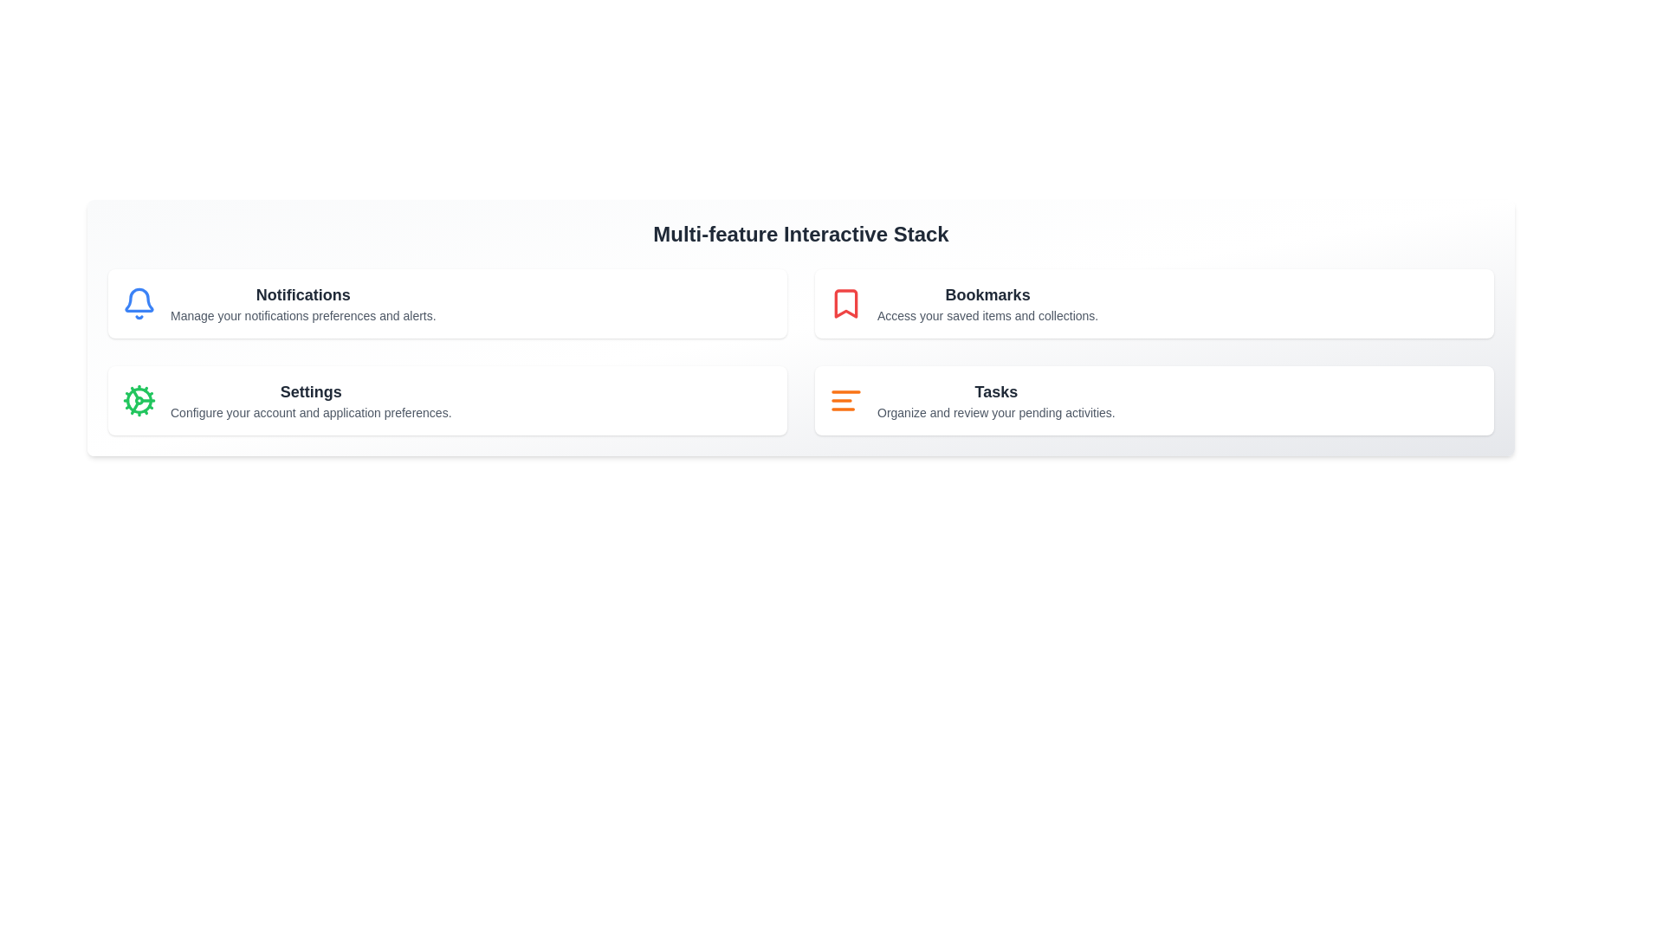  What do you see at coordinates (987, 293) in the screenshot?
I see `the 'Bookmarks' section title text label, which indicates the feature to save and manage items` at bounding box center [987, 293].